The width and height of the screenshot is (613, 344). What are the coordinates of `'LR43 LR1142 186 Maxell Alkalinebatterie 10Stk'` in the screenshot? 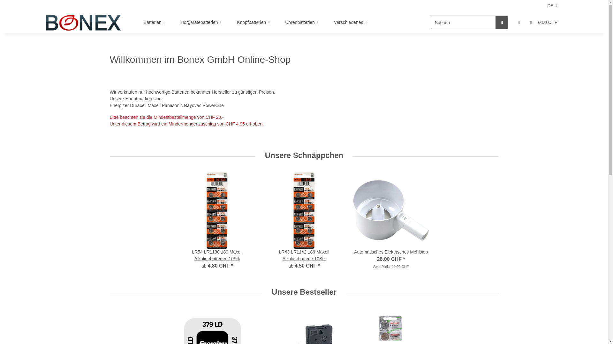 It's located at (303, 255).